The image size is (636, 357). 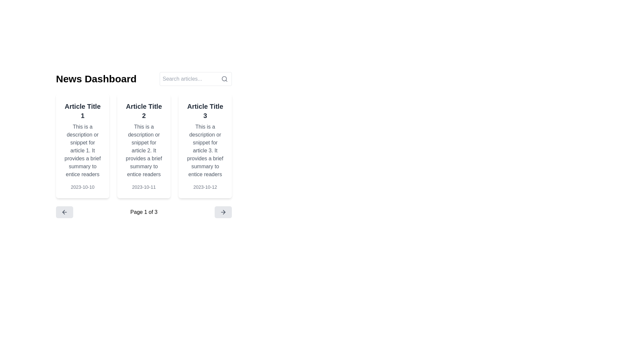 I want to click on the search input field or the magnifying glass icon located in the top-right section of the 'News Dashboard' interface, so click(x=195, y=79).